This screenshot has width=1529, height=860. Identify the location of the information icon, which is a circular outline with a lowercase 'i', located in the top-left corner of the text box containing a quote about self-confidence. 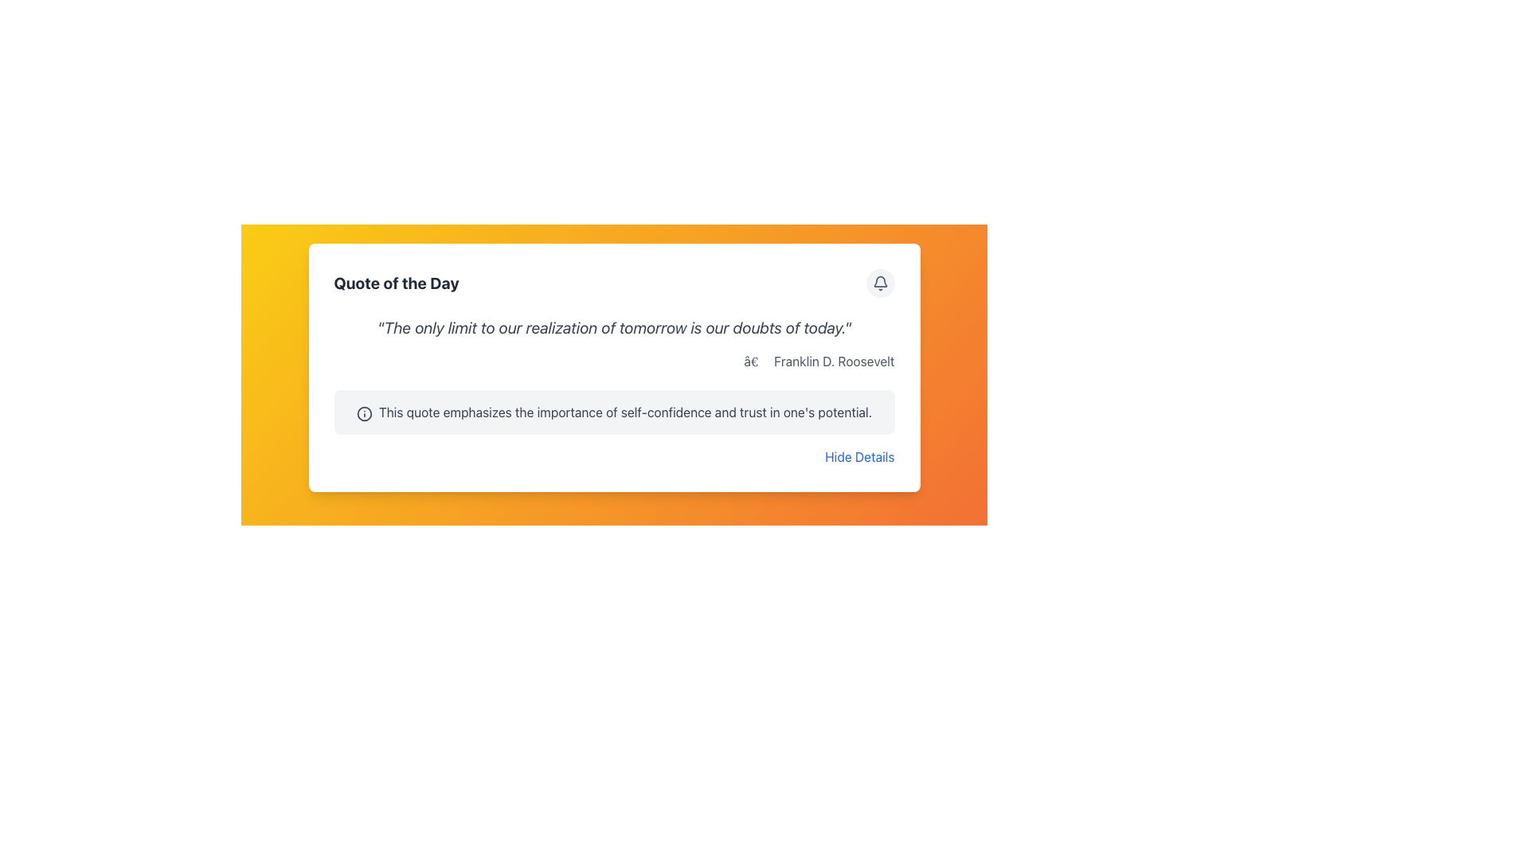
(363, 412).